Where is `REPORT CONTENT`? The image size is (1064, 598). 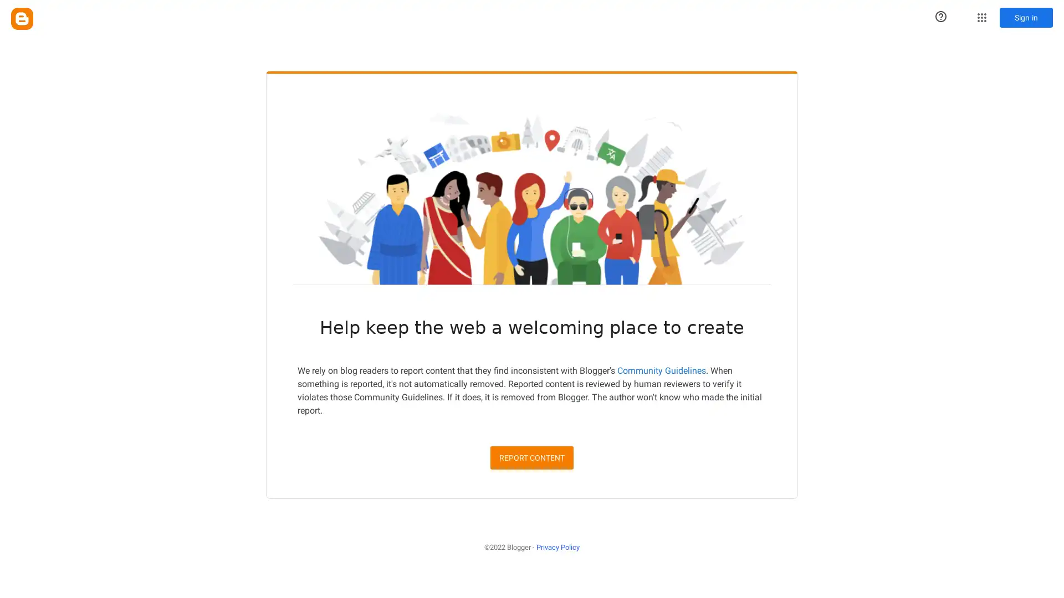 REPORT CONTENT is located at coordinates (532, 457).